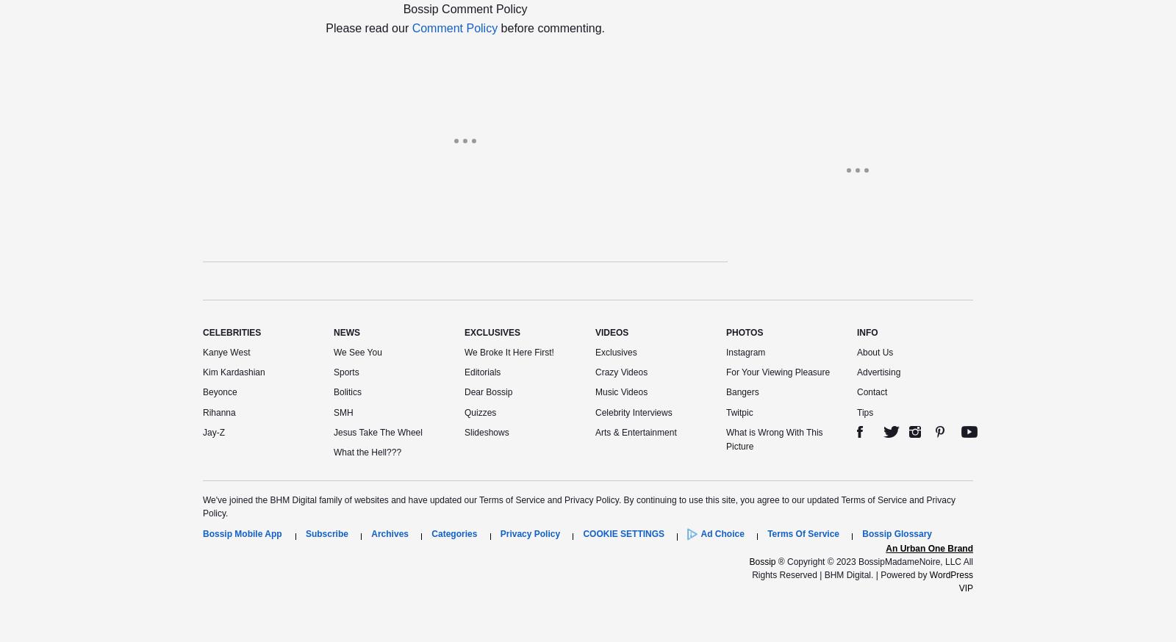 The width and height of the screenshot is (1176, 642). What do you see at coordinates (232, 331) in the screenshot?
I see `'Celebrities'` at bounding box center [232, 331].